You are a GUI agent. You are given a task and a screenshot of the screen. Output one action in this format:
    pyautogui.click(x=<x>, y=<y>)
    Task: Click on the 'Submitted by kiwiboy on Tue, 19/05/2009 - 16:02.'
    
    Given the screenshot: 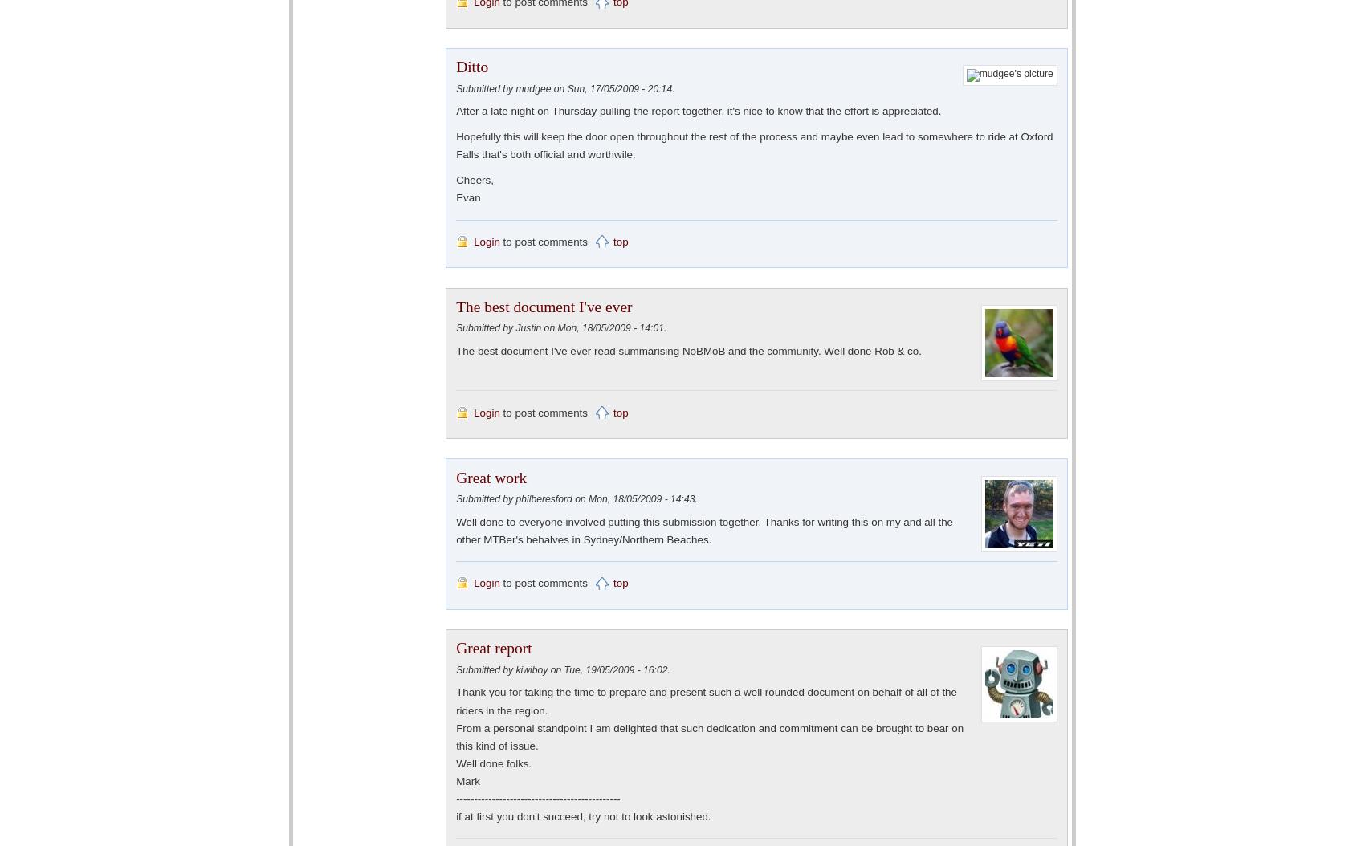 What is the action you would take?
    pyautogui.click(x=563, y=669)
    